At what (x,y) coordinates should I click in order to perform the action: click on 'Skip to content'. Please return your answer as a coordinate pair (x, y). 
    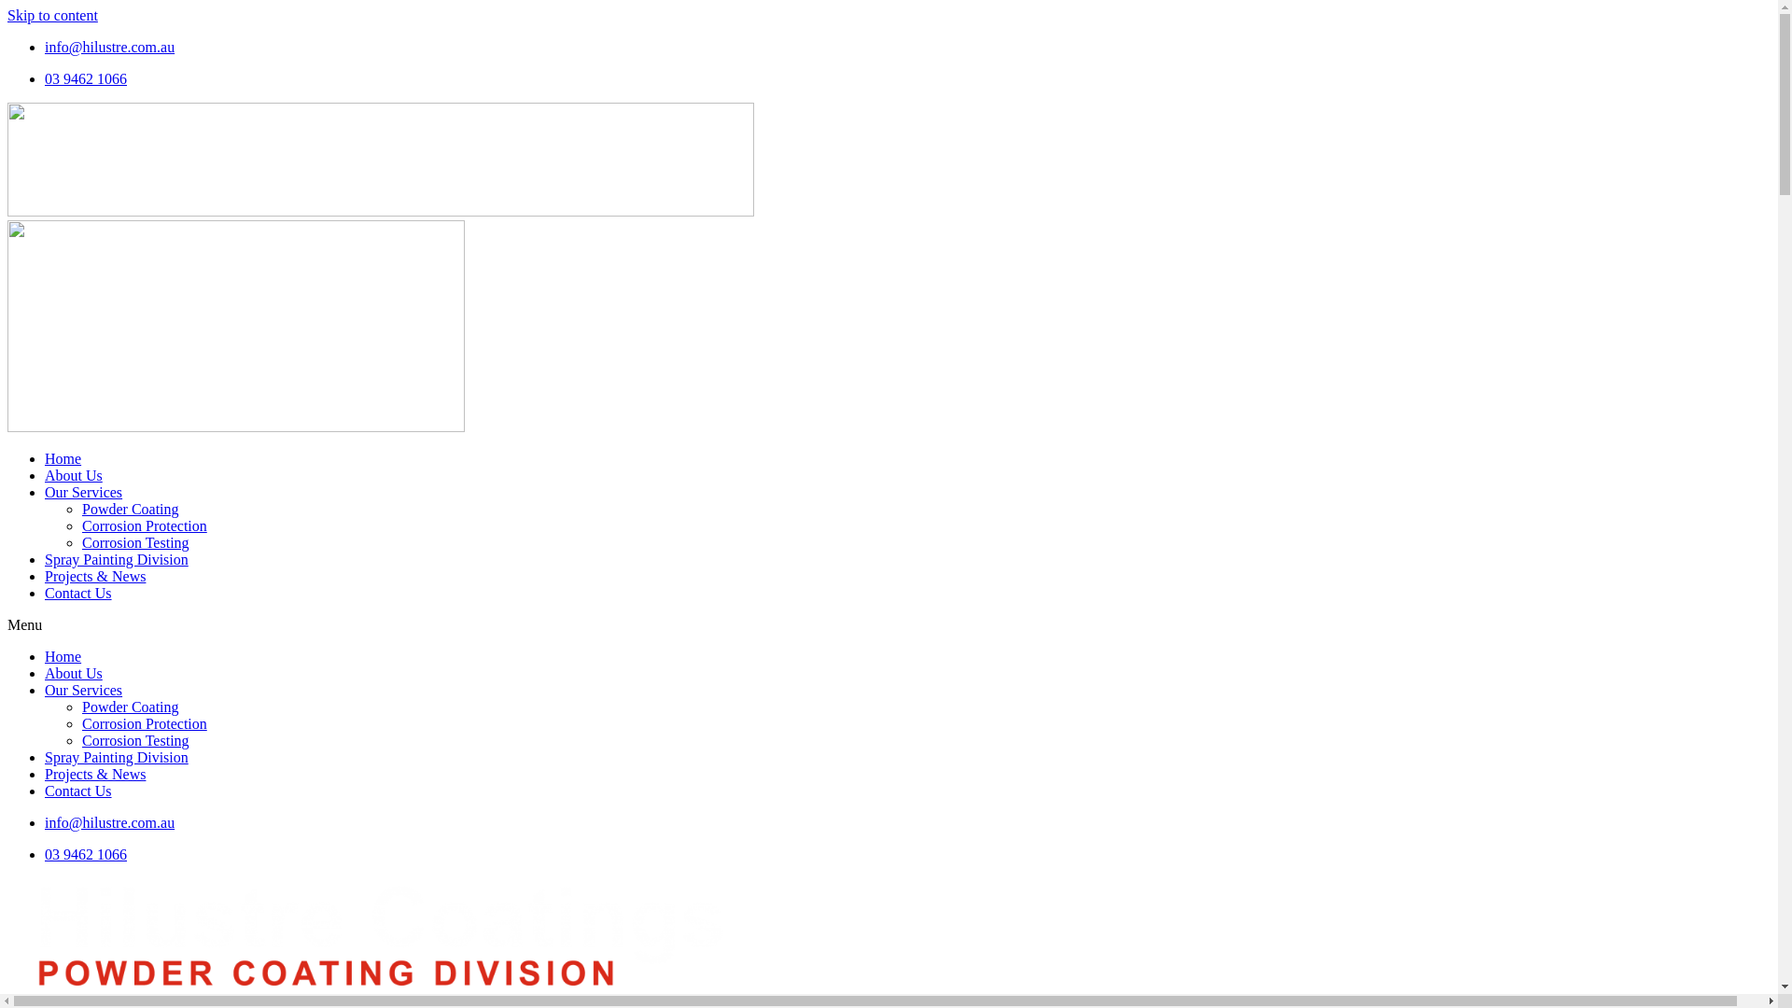
    Looking at the image, I should click on (52, 15).